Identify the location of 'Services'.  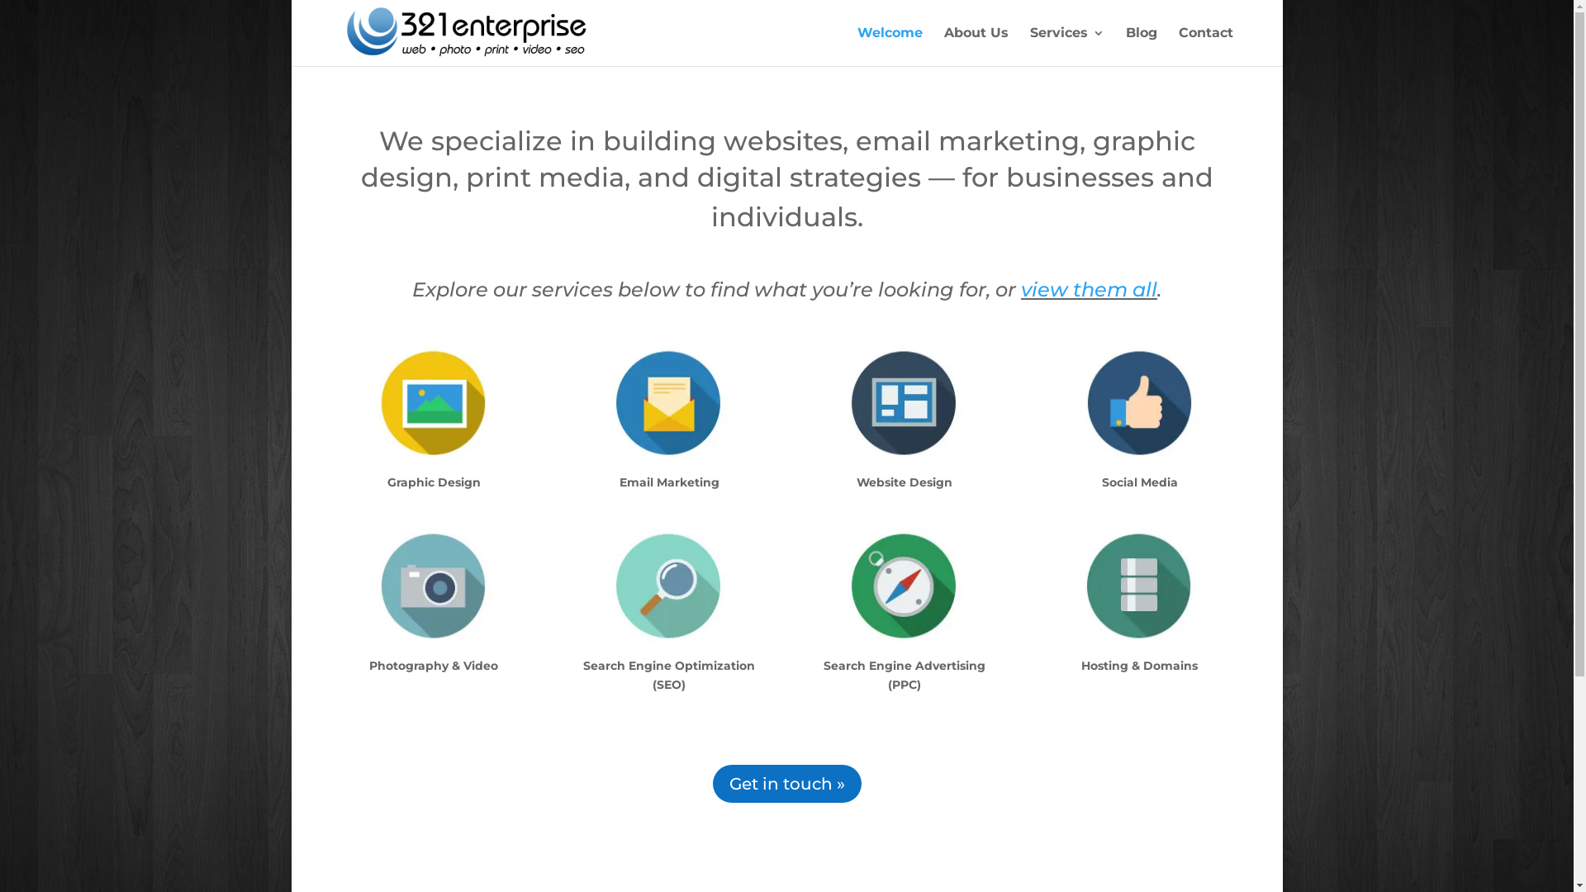
(1066, 45).